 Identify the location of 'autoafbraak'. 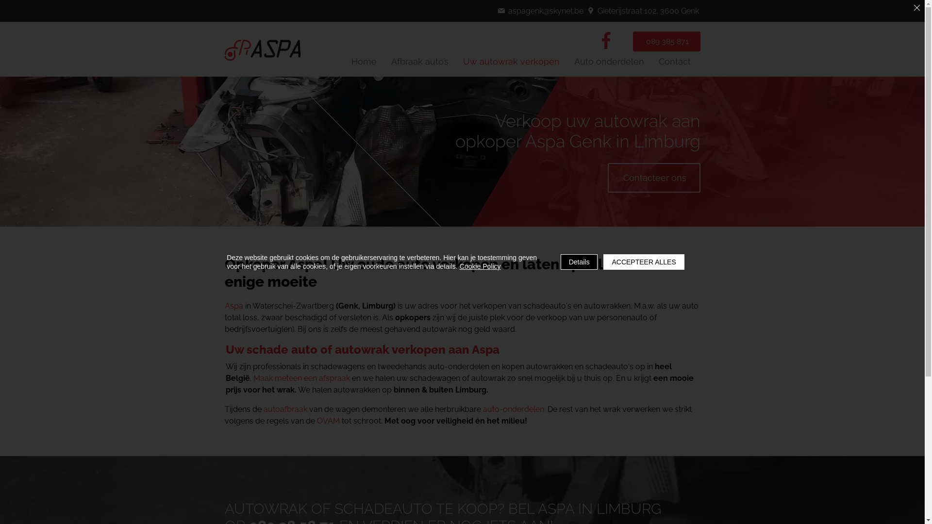
(284, 409).